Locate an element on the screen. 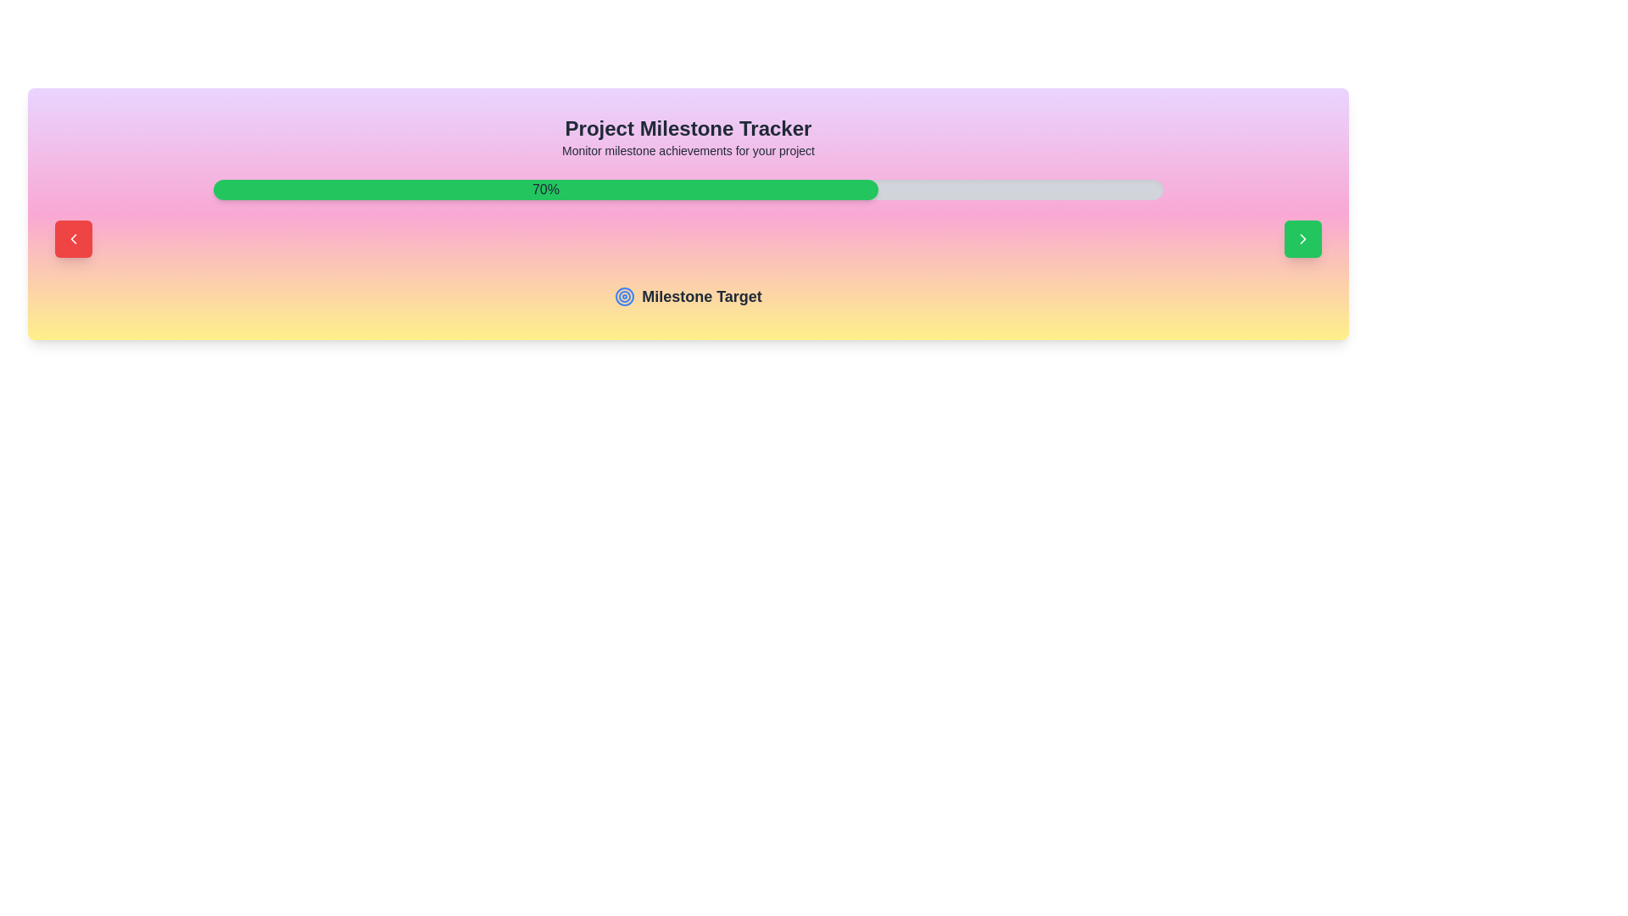 Image resolution: width=1628 pixels, height=916 pixels. the circular target icon that is positioned to the left of the text 'Milestone Target', which is located below the progress bar labeled '70%' is located at coordinates (624, 296).